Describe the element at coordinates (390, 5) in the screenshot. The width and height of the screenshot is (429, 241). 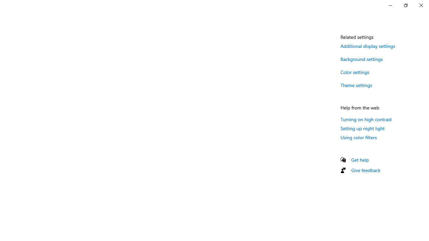
I see `'Minimize Settings'` at that location.